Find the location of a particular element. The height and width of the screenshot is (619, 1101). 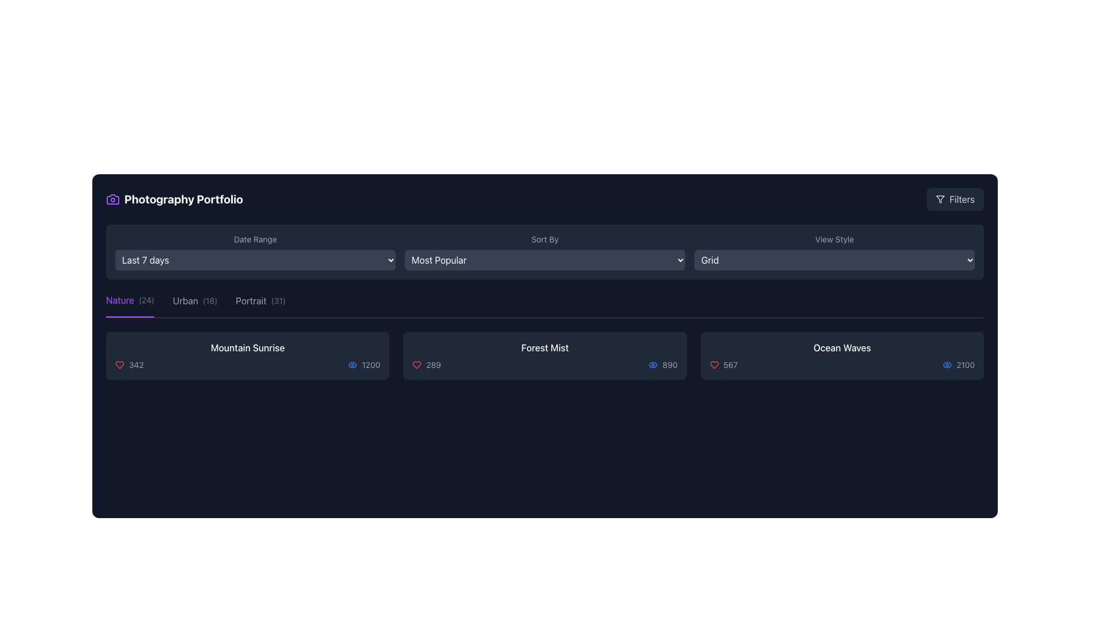

the 'Portrait (31)' category tab is located at coordinates (260, 300).